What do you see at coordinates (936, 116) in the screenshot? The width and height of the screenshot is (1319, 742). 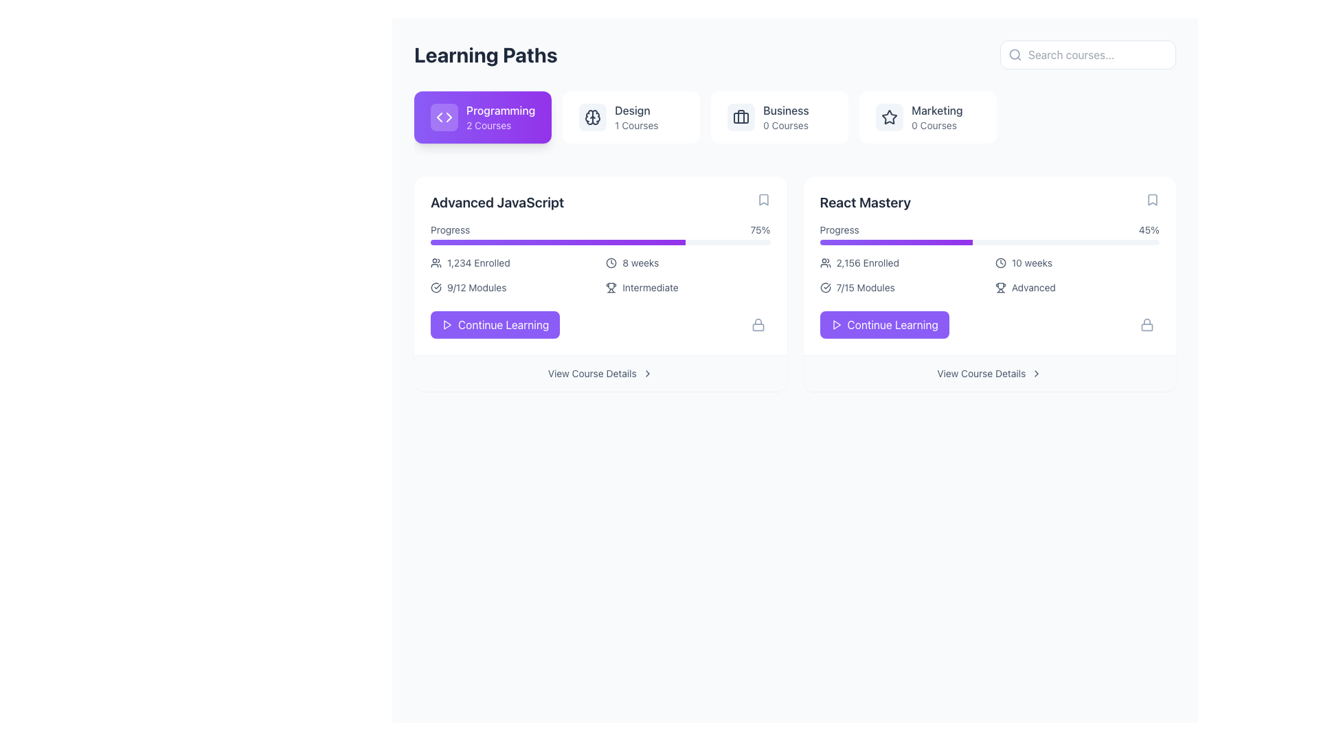 I see `the 'Marketing' category text label indicating '0 Courses' available within the 'Learning Paths' section` at bounding box center [936, 116].